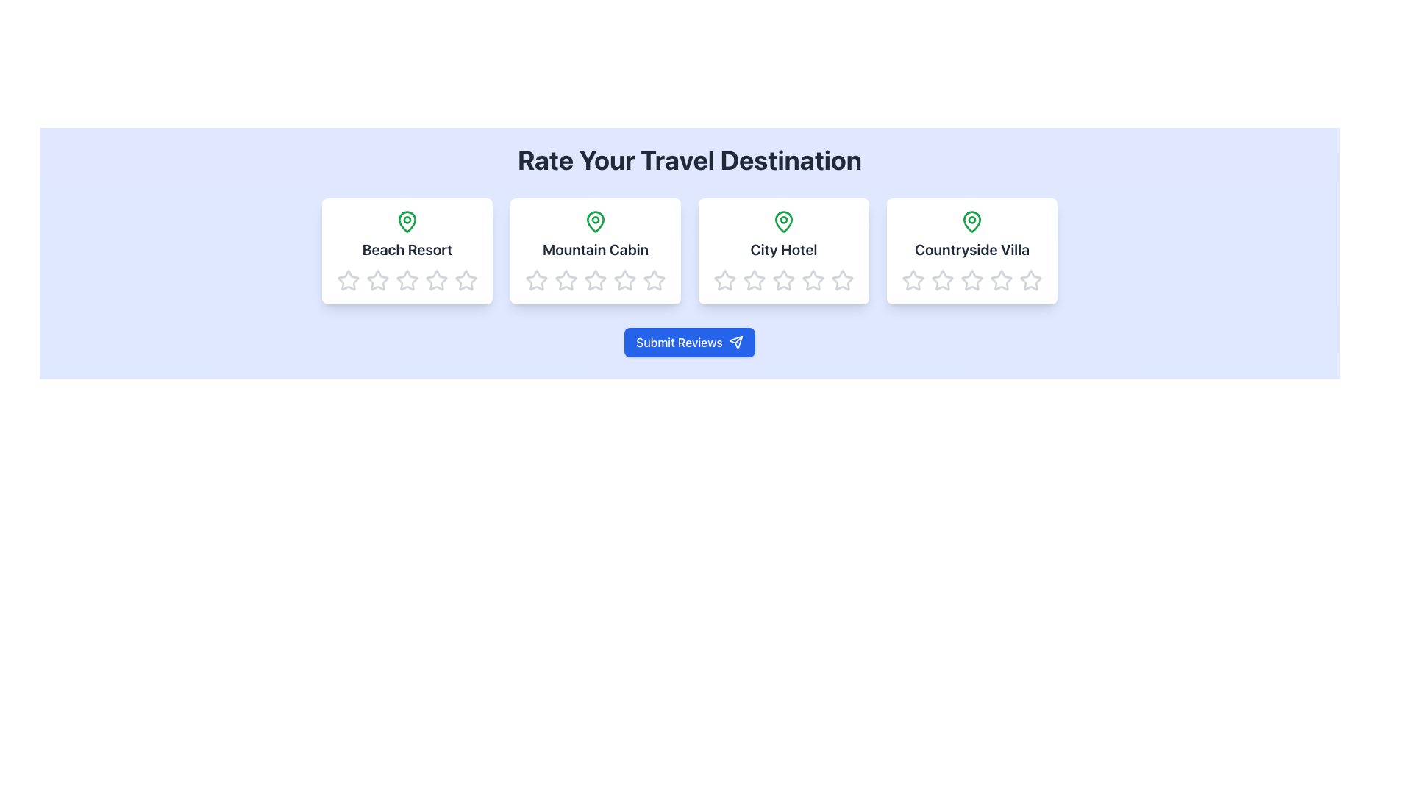  What do you see at coordinates (465, 280) in the screenshot?
I see `the rightmost star icon in the 5-star horizontal rating system below the card labeled 'Beach Resort' to set the rating` at bounding box center [465, 280].